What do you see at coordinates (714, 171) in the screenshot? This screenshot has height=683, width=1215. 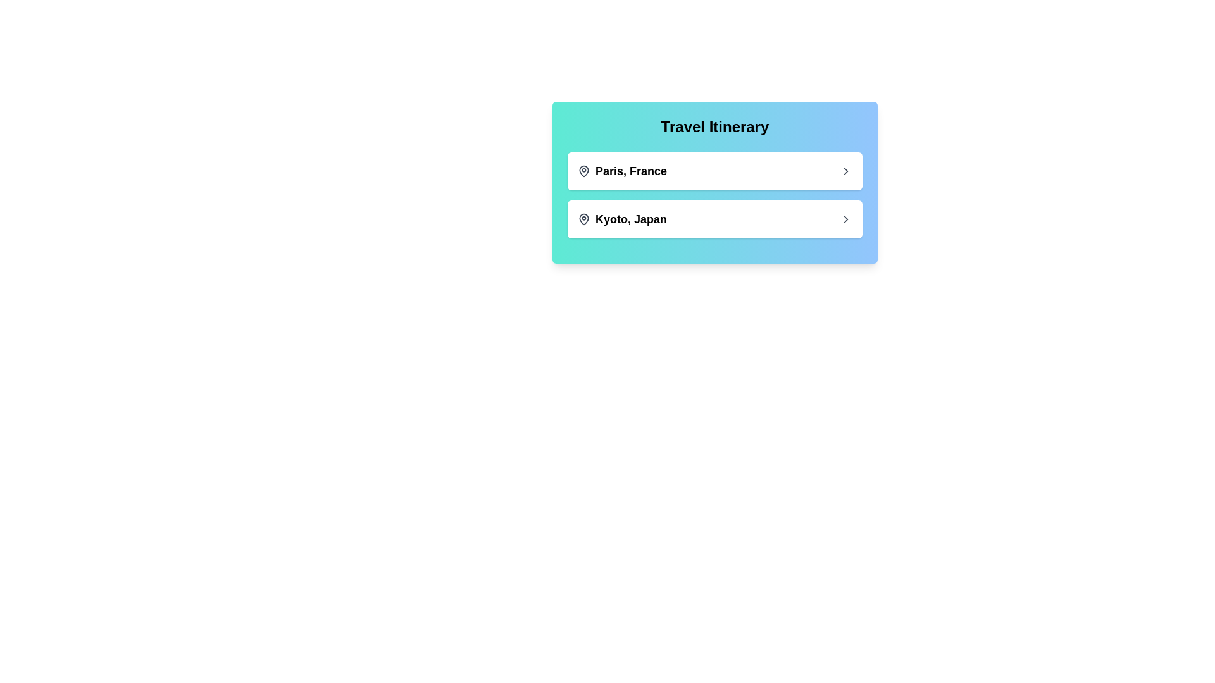 I see `the interactive row representing the destination 'Paris, France'` at bounding box center [714, 171].